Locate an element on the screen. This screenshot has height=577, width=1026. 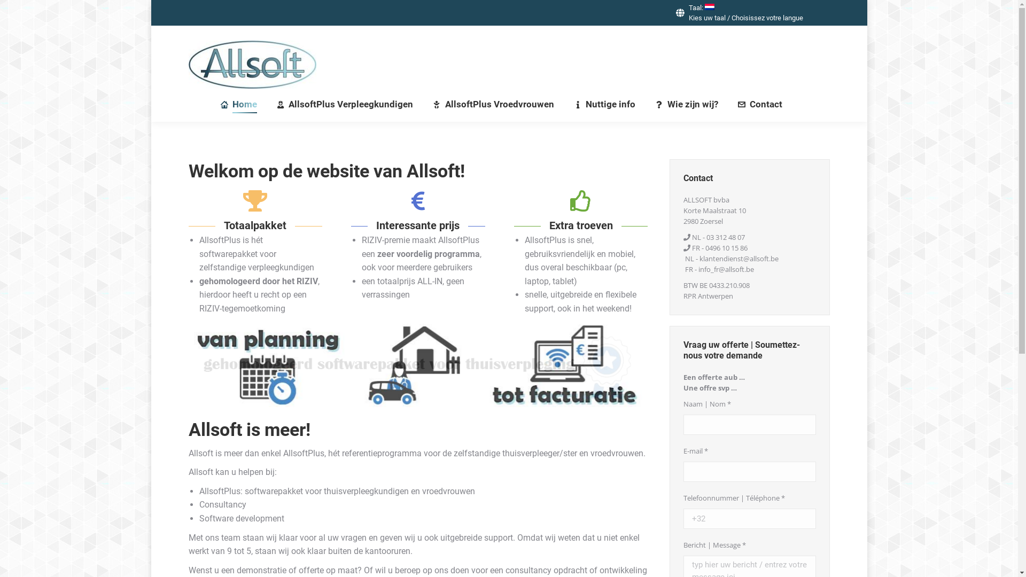
'NL - klantendienst@allsoft.be' is located at coordinates (731, 258).